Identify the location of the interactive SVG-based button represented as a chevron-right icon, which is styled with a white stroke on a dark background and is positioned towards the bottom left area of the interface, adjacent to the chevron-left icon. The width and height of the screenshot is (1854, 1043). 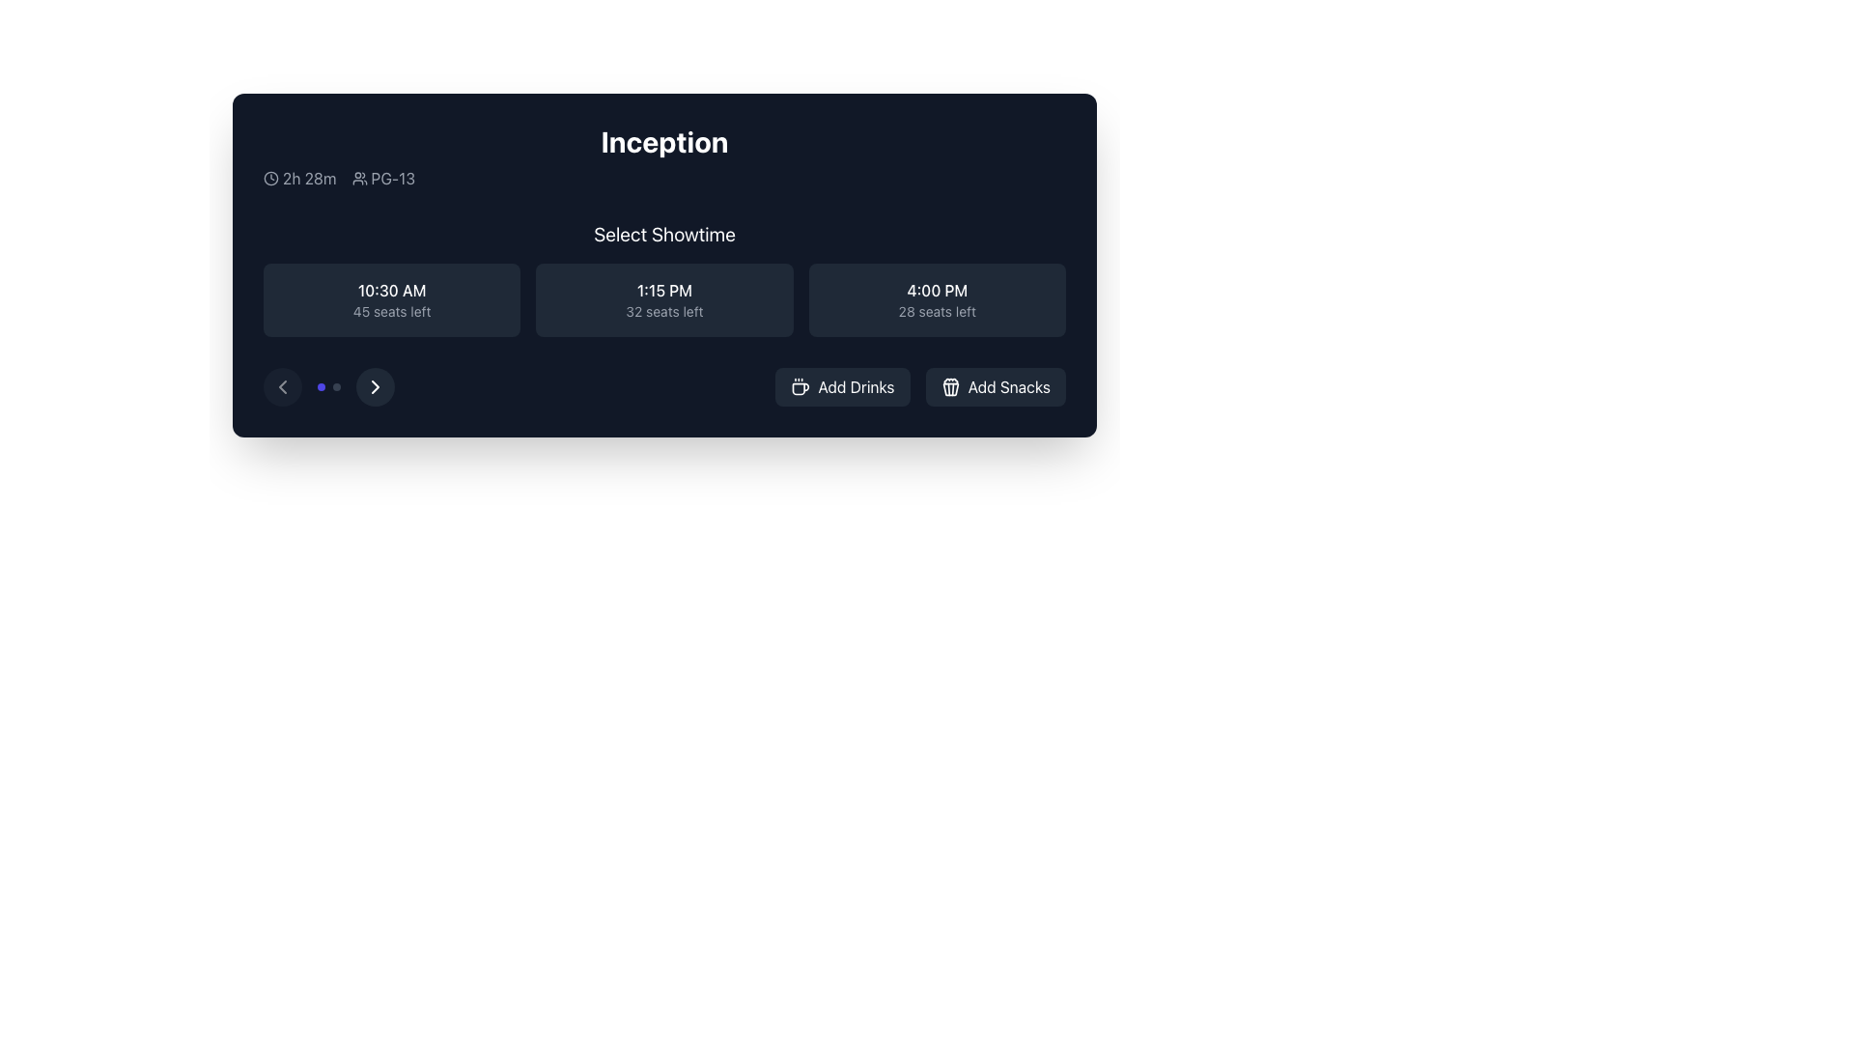
(375, 387).